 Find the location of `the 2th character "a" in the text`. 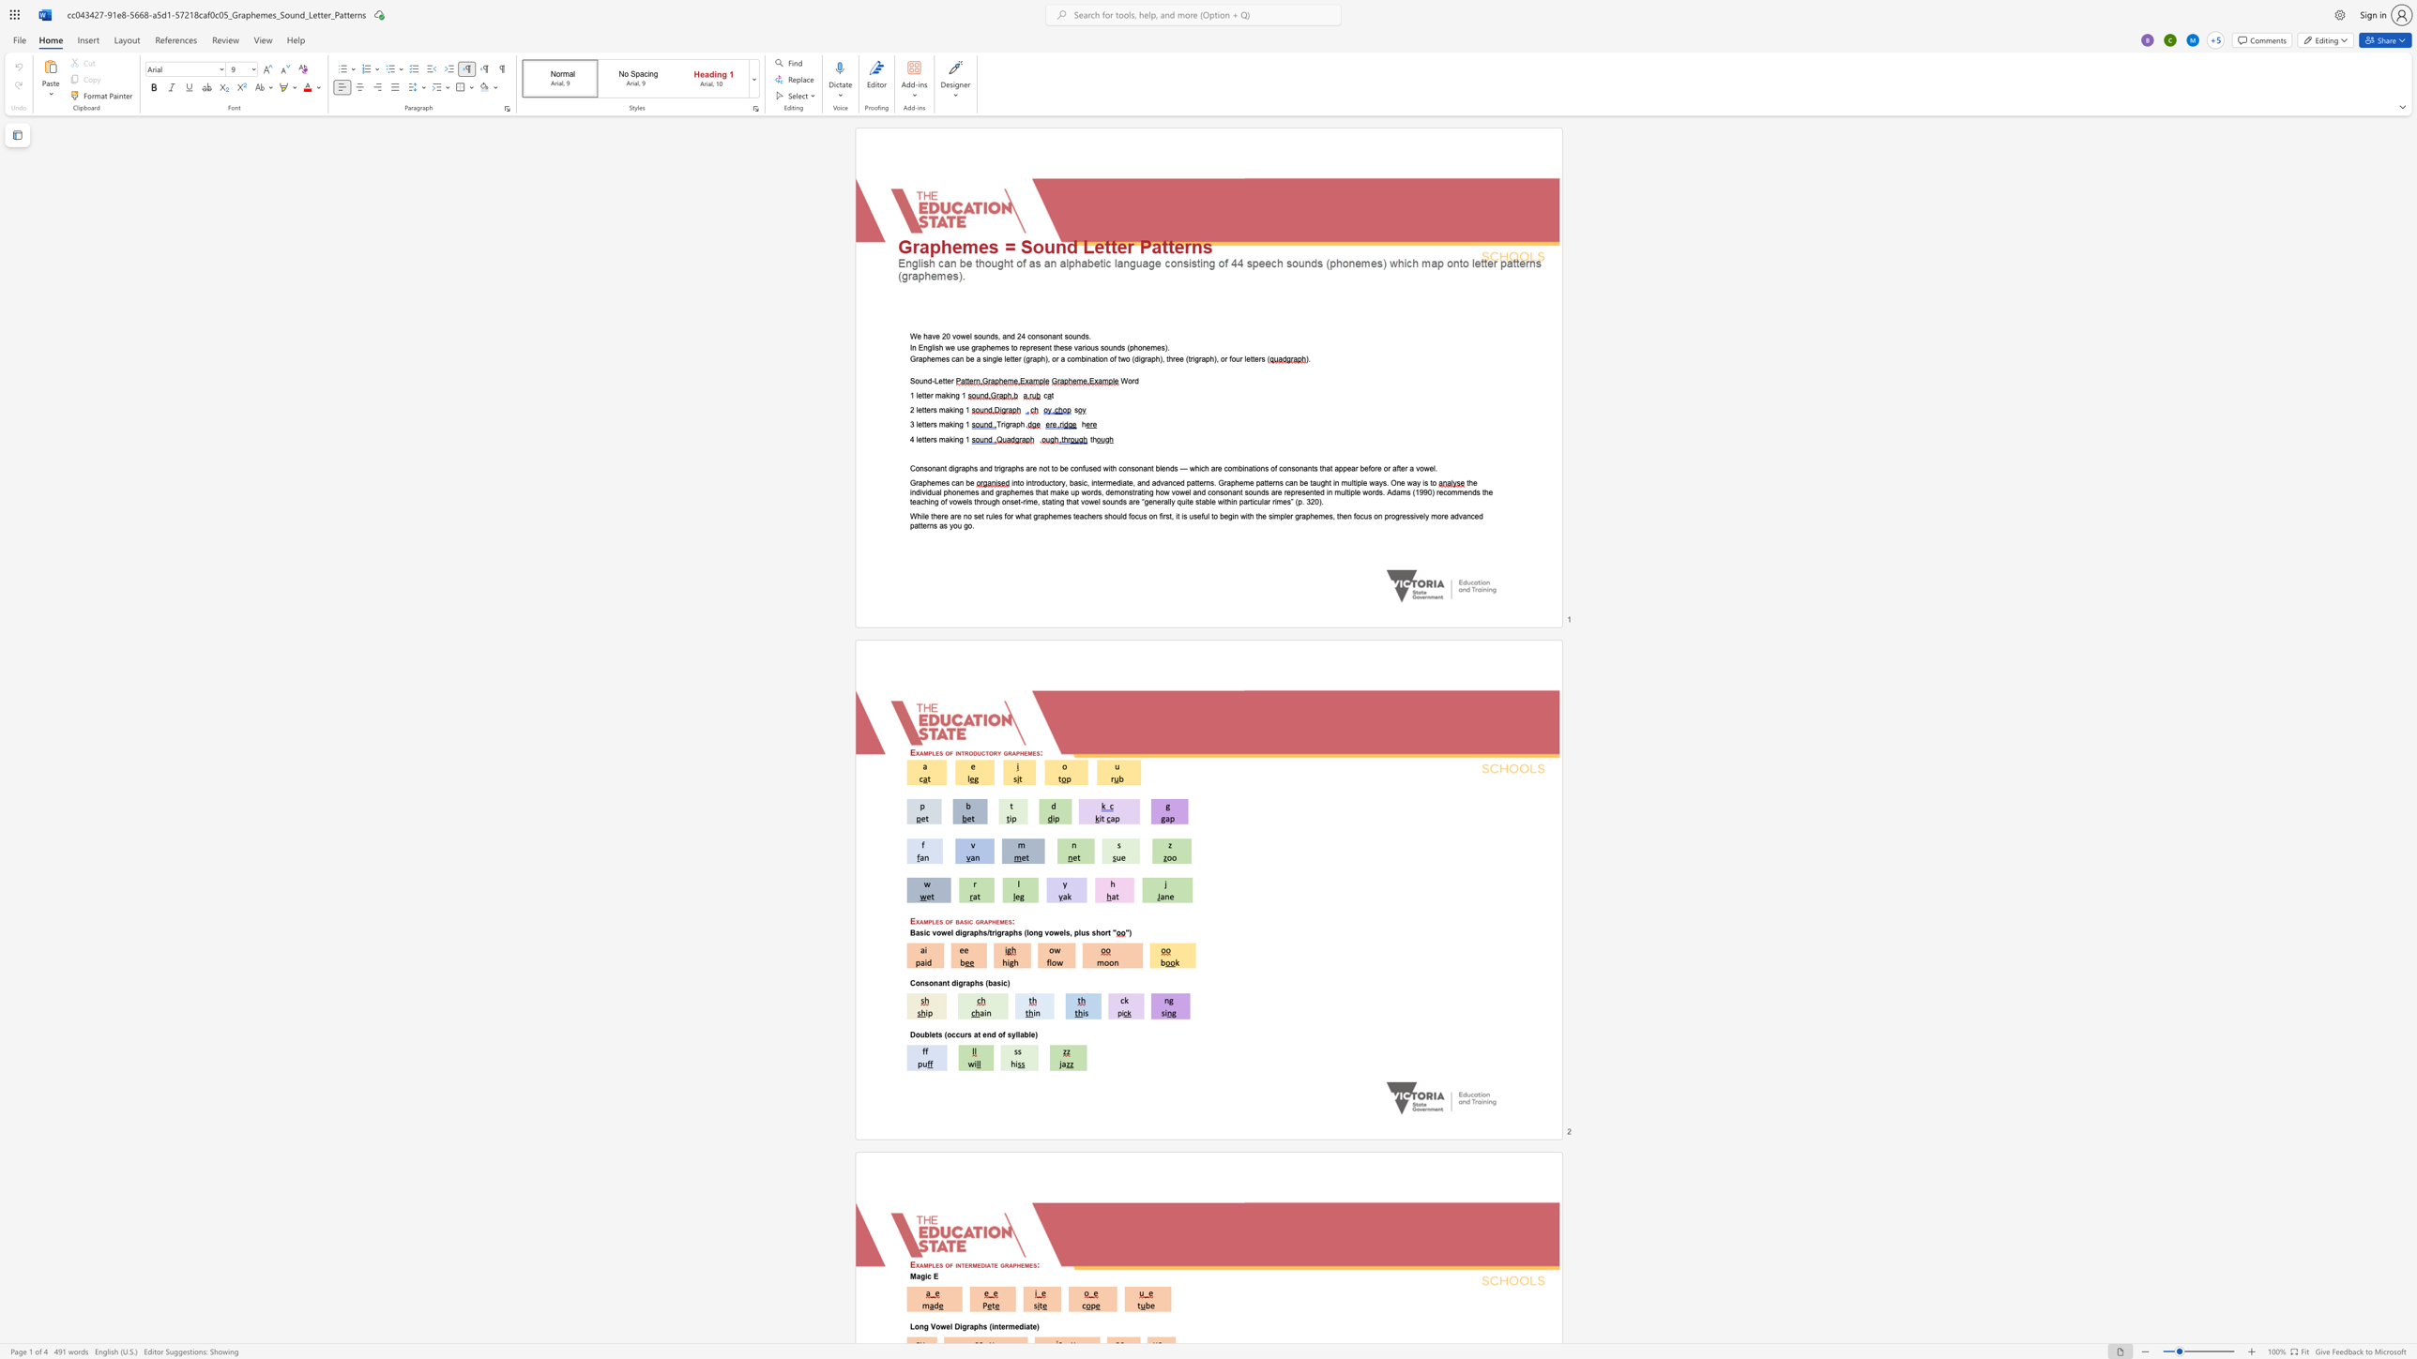

the 2th character "a" in the text is located at coordinates (961, 921).